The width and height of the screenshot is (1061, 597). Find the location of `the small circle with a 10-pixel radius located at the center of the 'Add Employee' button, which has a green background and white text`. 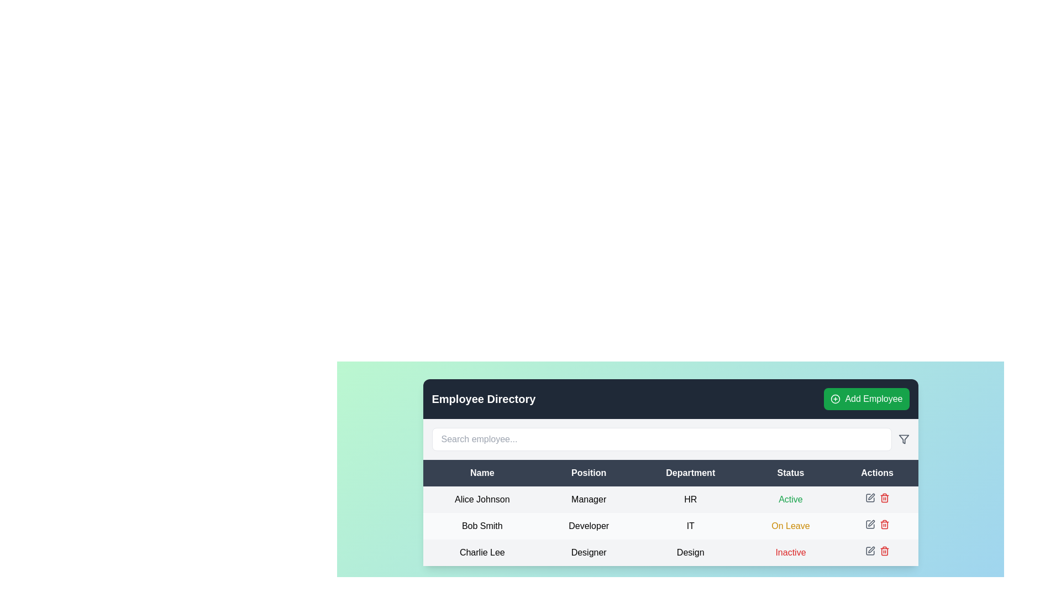

the small circle with a 10-pixel radius located at the center of the 'Add Employee' button, which has a green background and white text is located at coordinates (836, 399).